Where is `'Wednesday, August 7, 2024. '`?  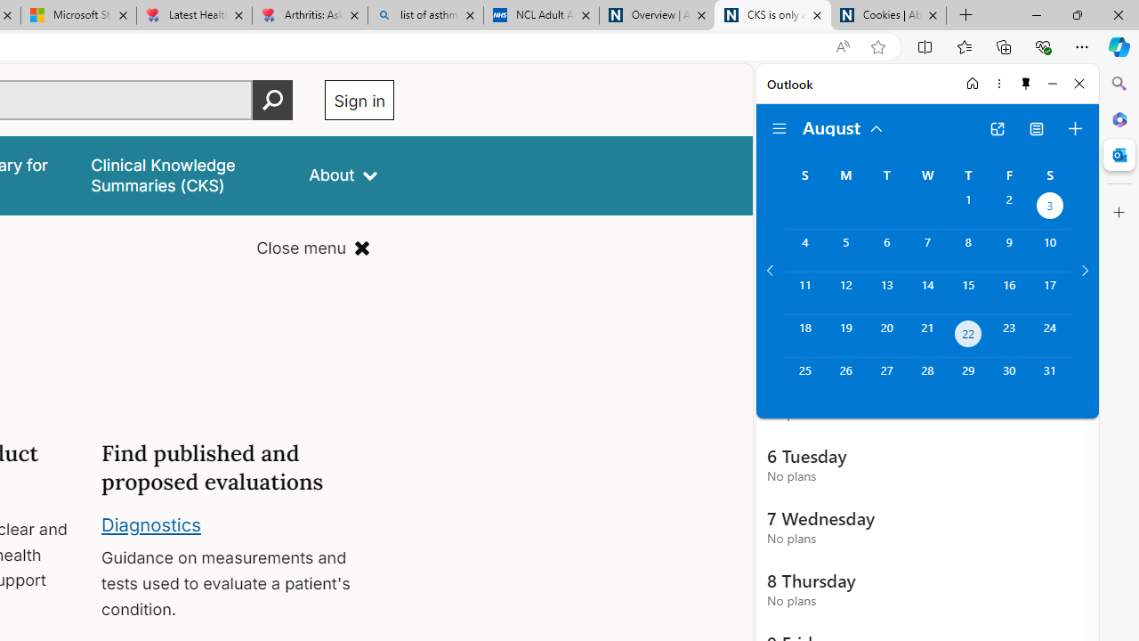 'Wednesday, August 7, 2024. ' is located at coordinates (926, 250).